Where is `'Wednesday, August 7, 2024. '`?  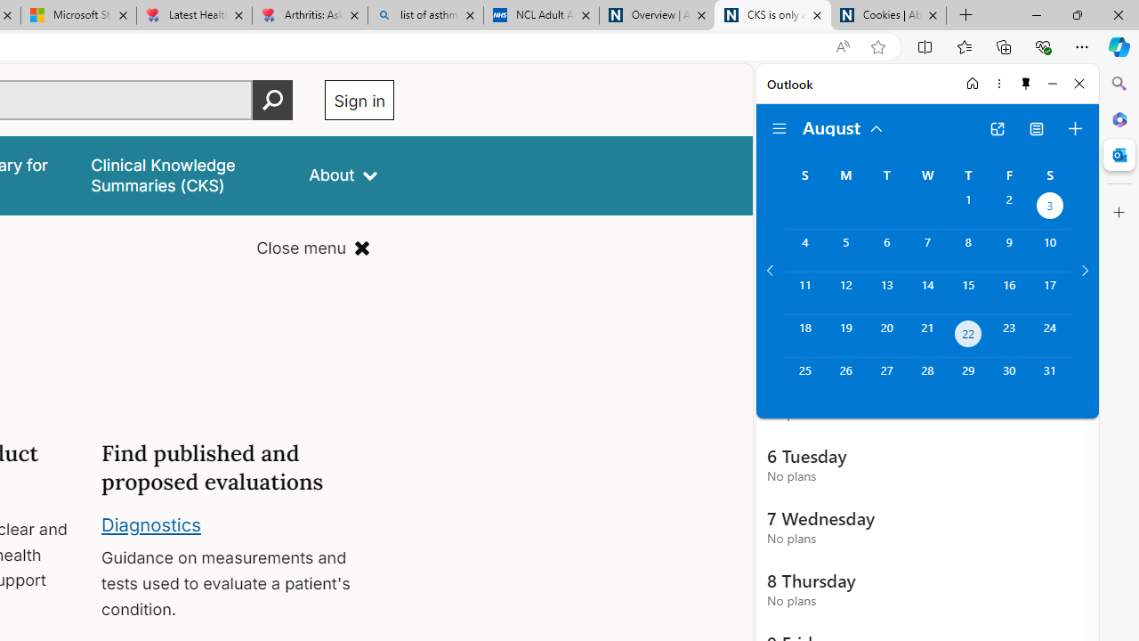 'Wednesday, August 7, 2024. ' is located at coordinates (926, 250).